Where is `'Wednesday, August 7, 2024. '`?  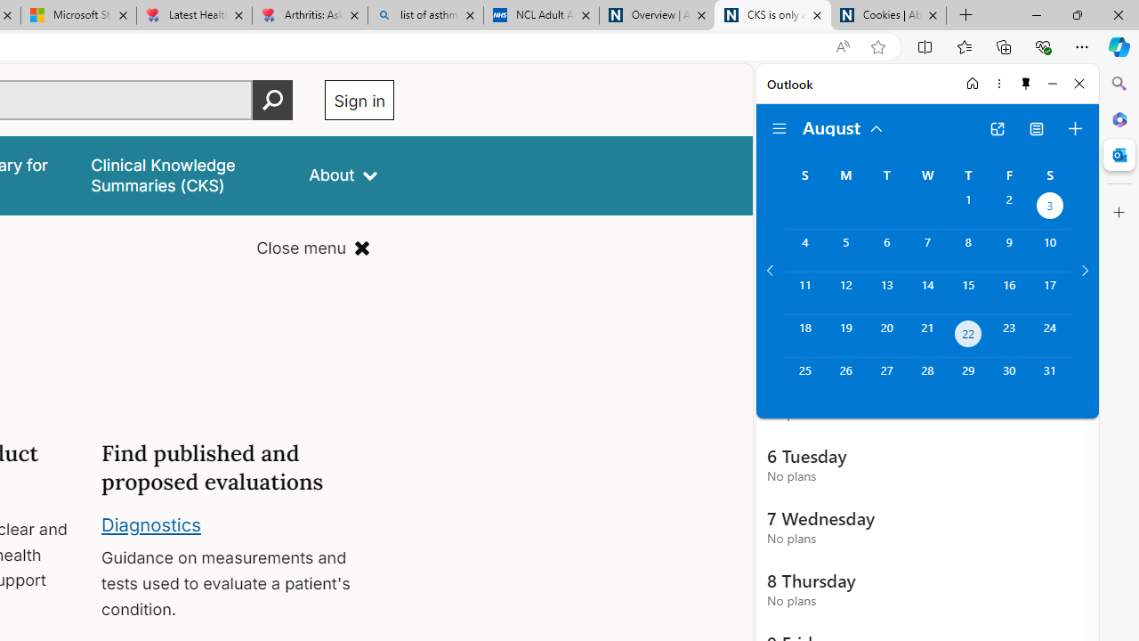 'Wednesday, August 7, 2024. ' is located at coordinates (926, 250).